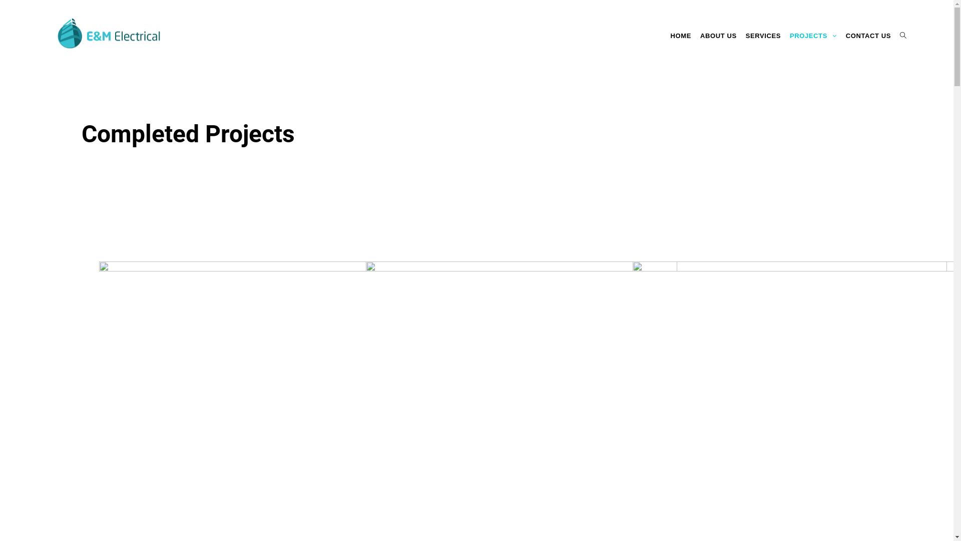  I want to click on 'CONTACT US', so click(867, 36).